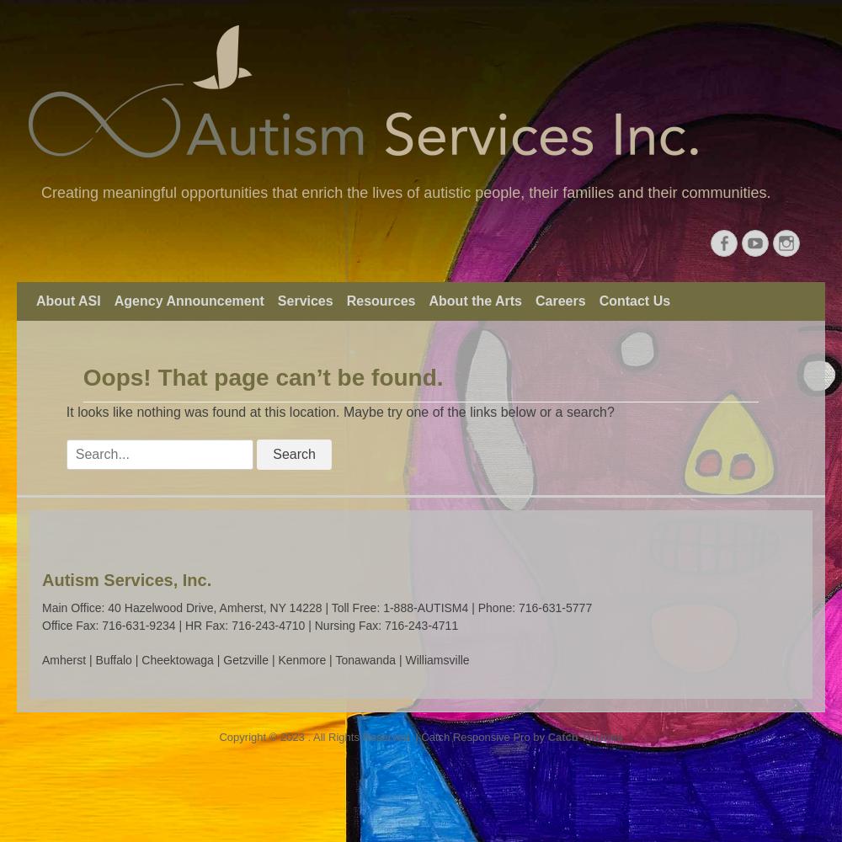 The height and width of the screenshot is (842, 842). Describe the element at coordinates (427, 737) in the screenshot. I see `'. All Rights Reserved.  | Catch Responsive Pro by'` at that location.